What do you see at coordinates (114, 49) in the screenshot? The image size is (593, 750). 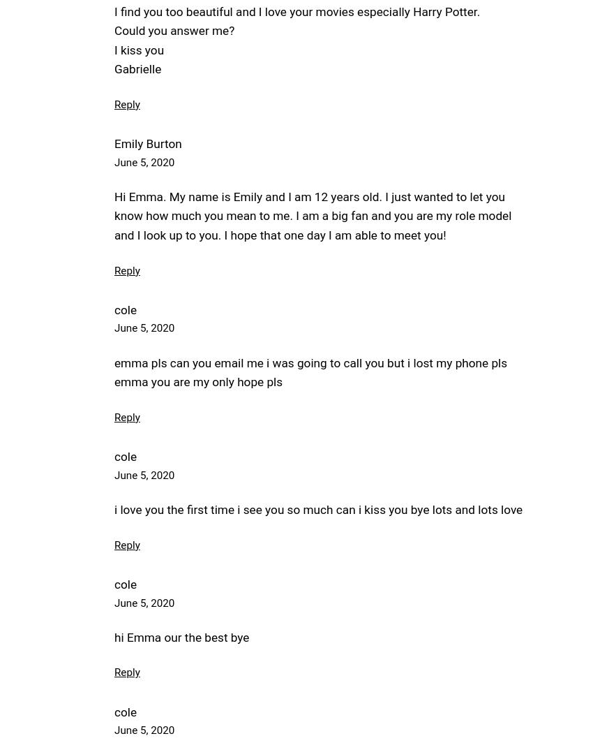 I see `'I kiss you'` at bounding box center [114, 49].